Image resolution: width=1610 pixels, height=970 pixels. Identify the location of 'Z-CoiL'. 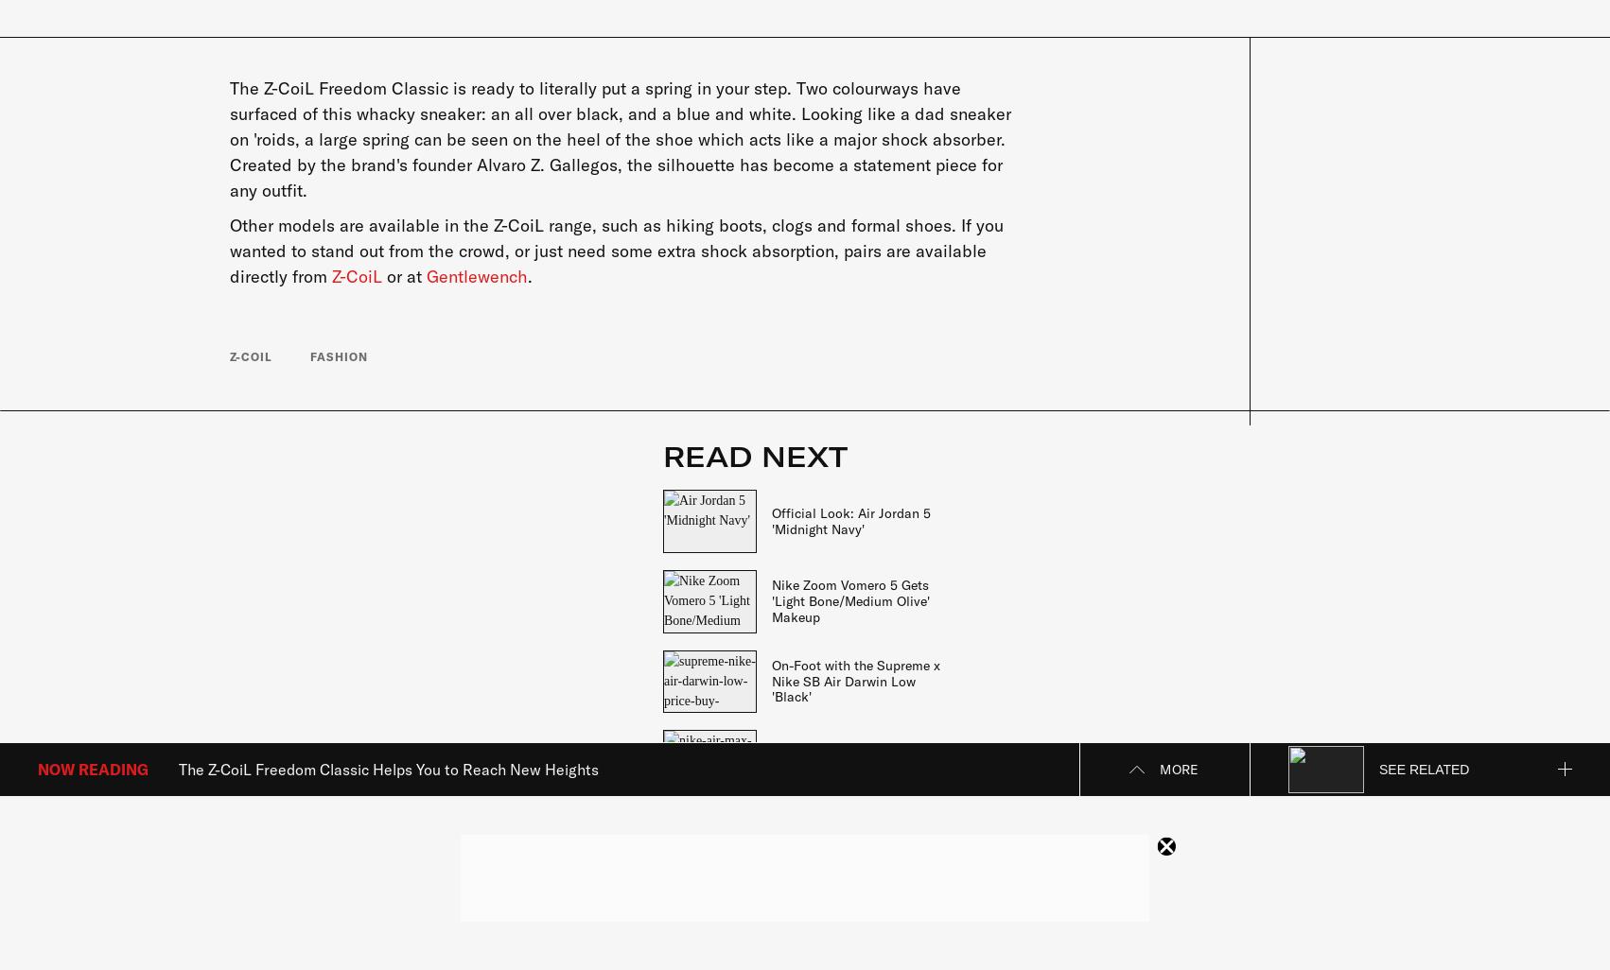
(356, 274).